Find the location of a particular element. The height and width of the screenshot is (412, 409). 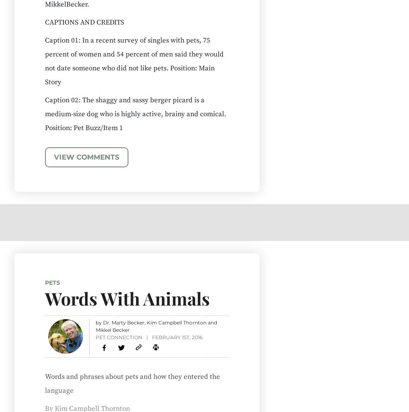

'Words With Animals' is located at coordinates (127, 297).